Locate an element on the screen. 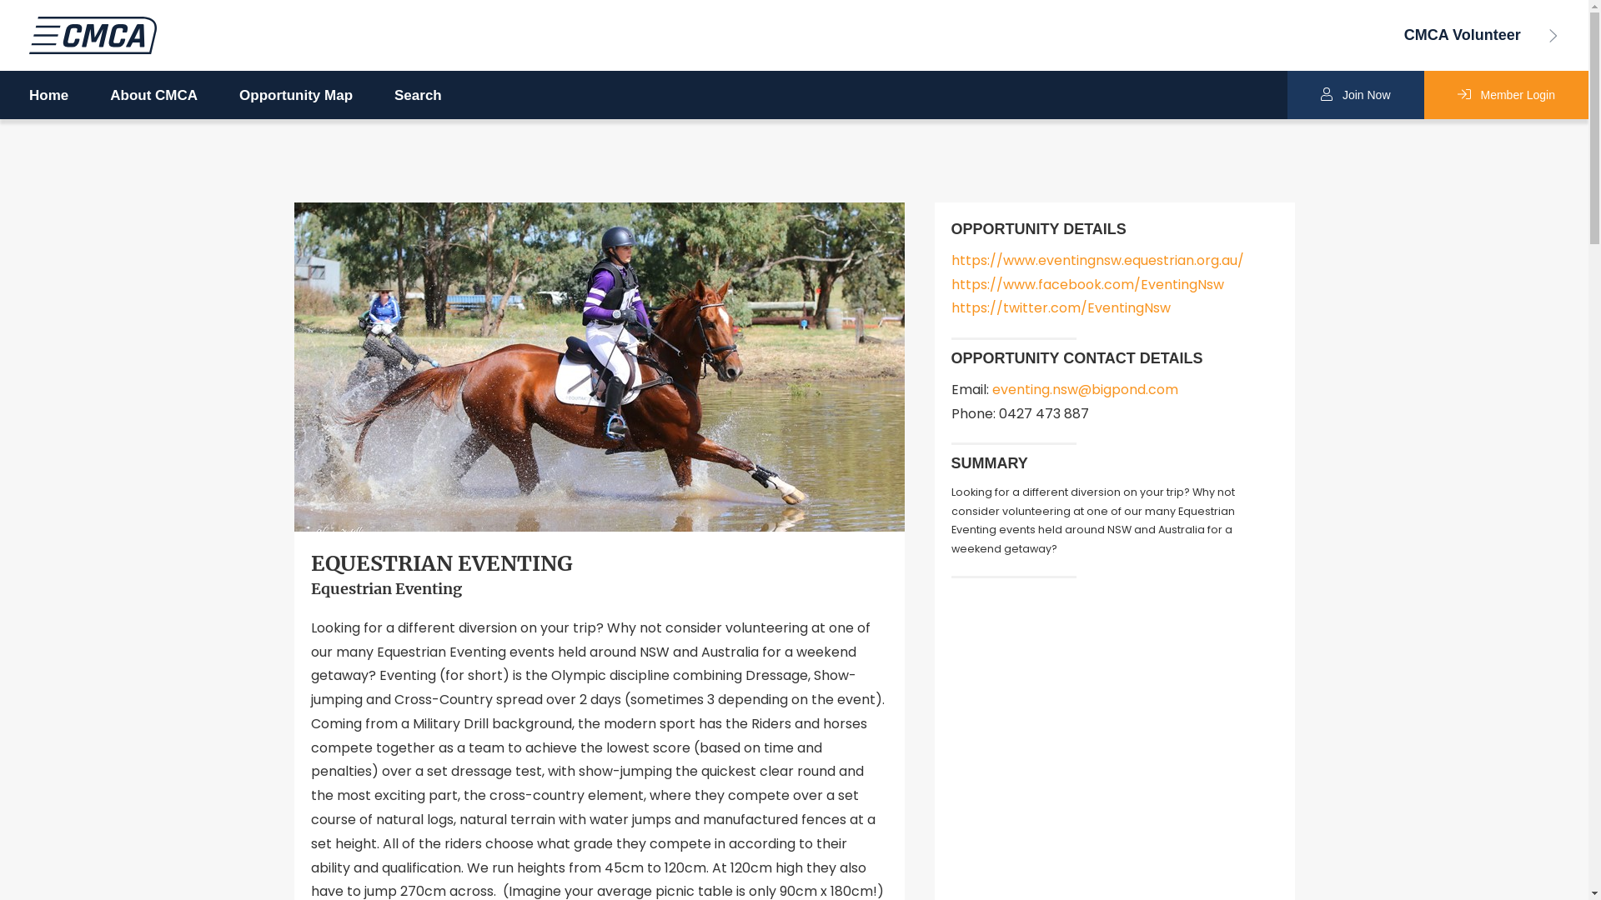 The height and width of the screenshot is (900, 1601). 'Join Now' is located at coordinates (1356, 95).